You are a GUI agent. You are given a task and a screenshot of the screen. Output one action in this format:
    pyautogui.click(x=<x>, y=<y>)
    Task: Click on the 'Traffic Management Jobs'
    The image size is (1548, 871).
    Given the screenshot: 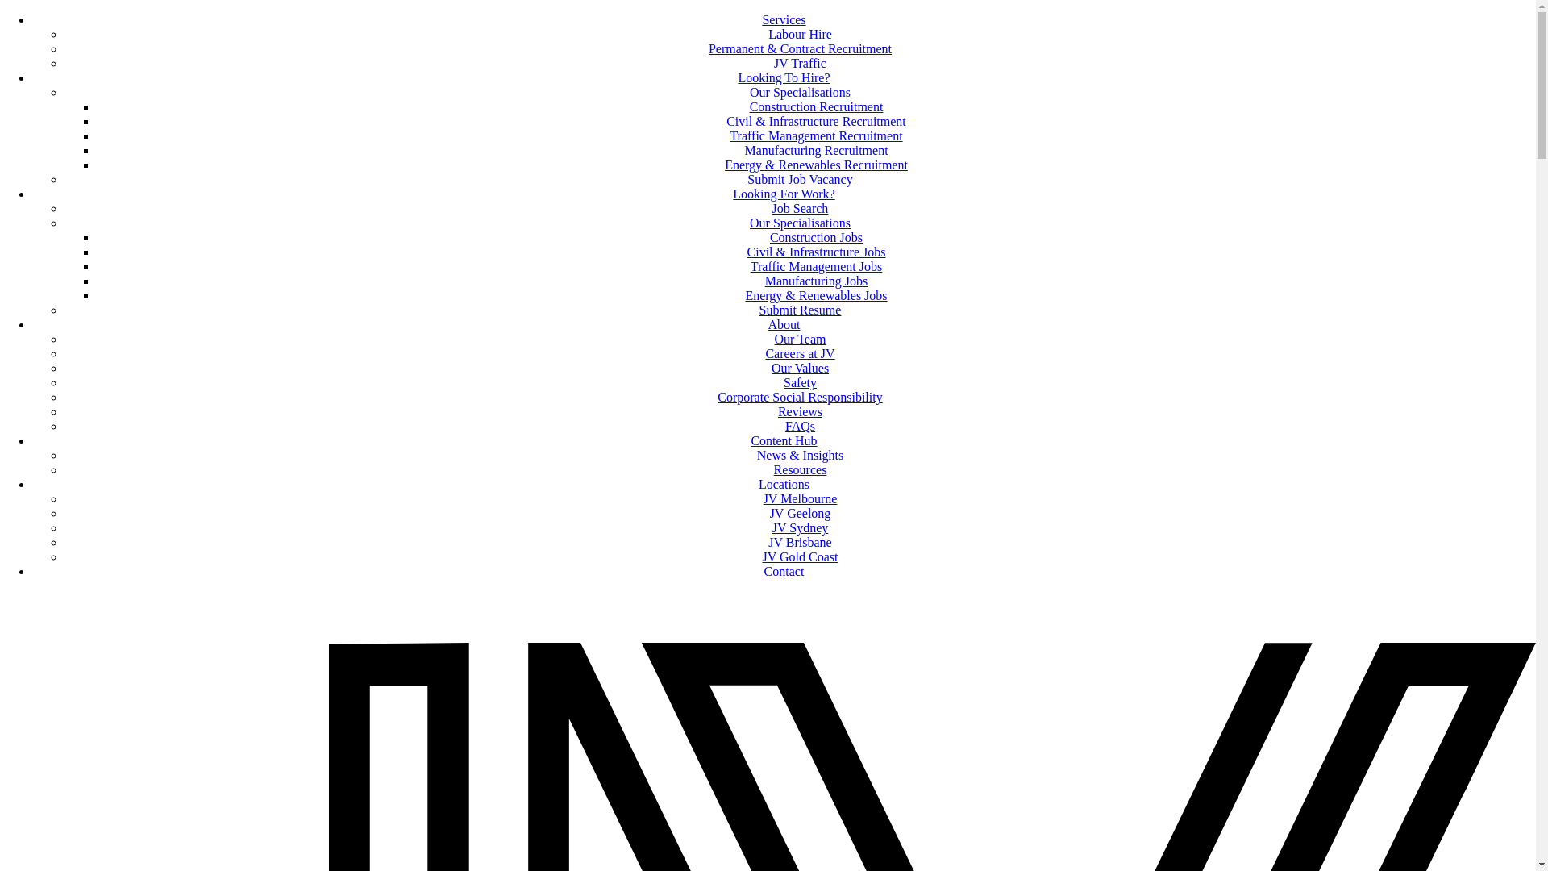 What is the action you would take?
    pyautogui.click(x=750, y=265)
    